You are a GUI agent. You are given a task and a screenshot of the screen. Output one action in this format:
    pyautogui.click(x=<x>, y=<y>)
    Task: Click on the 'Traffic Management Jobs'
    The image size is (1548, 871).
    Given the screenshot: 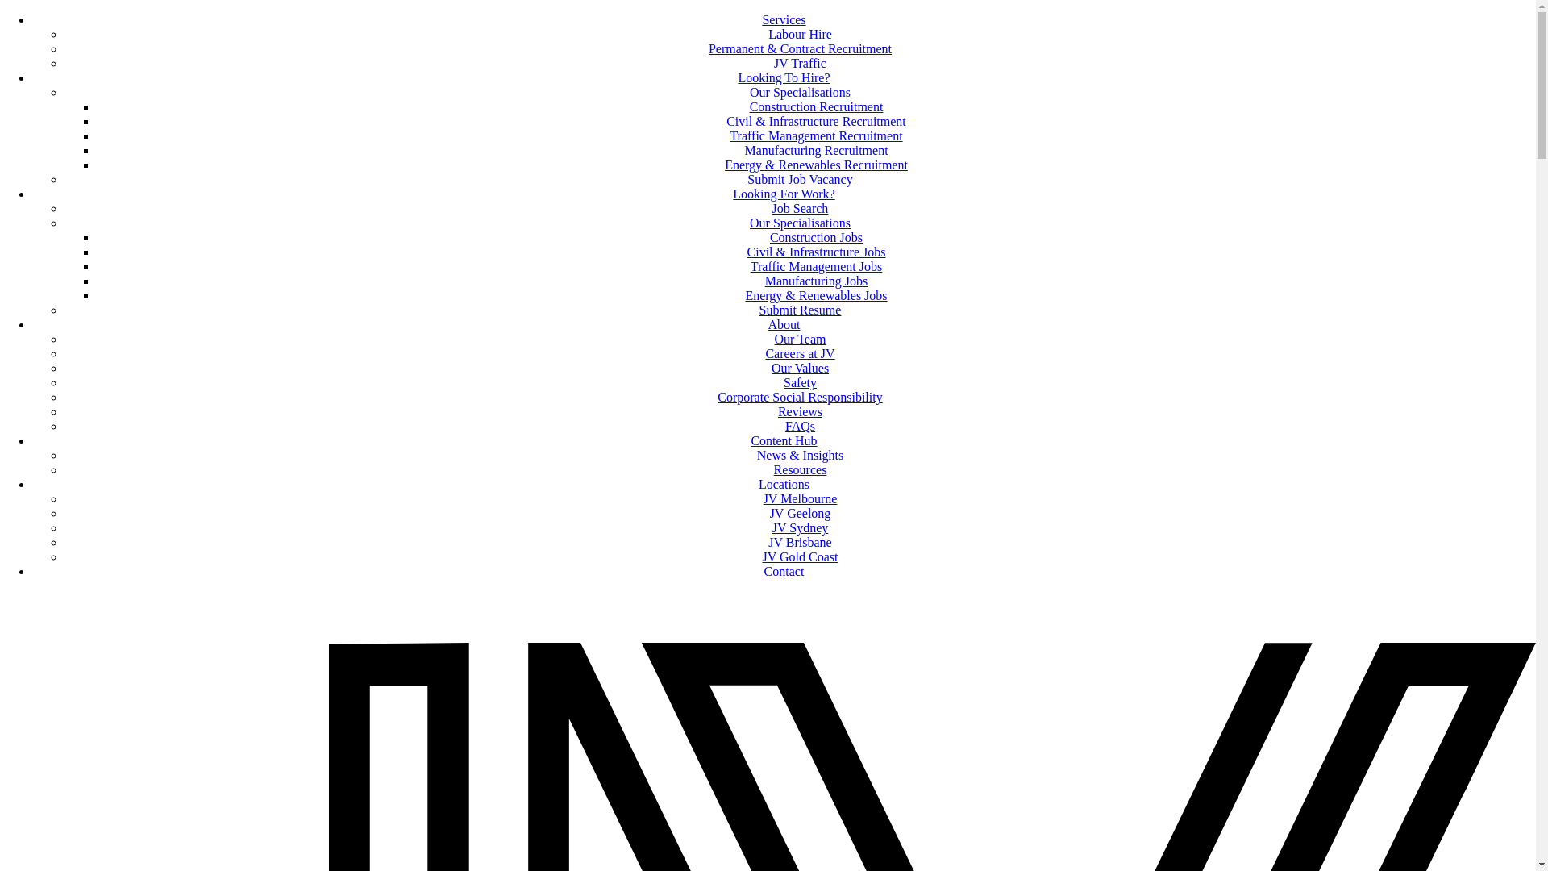 What is the action you would take?
    pyautogui.click(x=750, y=265)
    